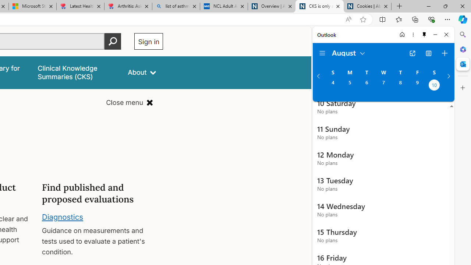  I want to click on 'Thursday, August 8, 2024. ', so click(400, 85).